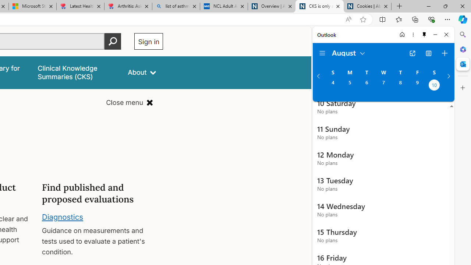  I want to click on 'Thursday, August 8, 2024. ', so click(400, 85).